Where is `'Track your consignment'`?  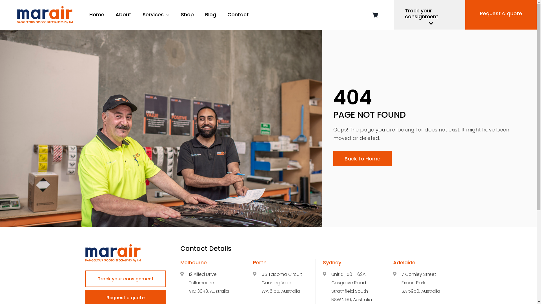
'Track your consignment' is located at coordinates (125, 279).